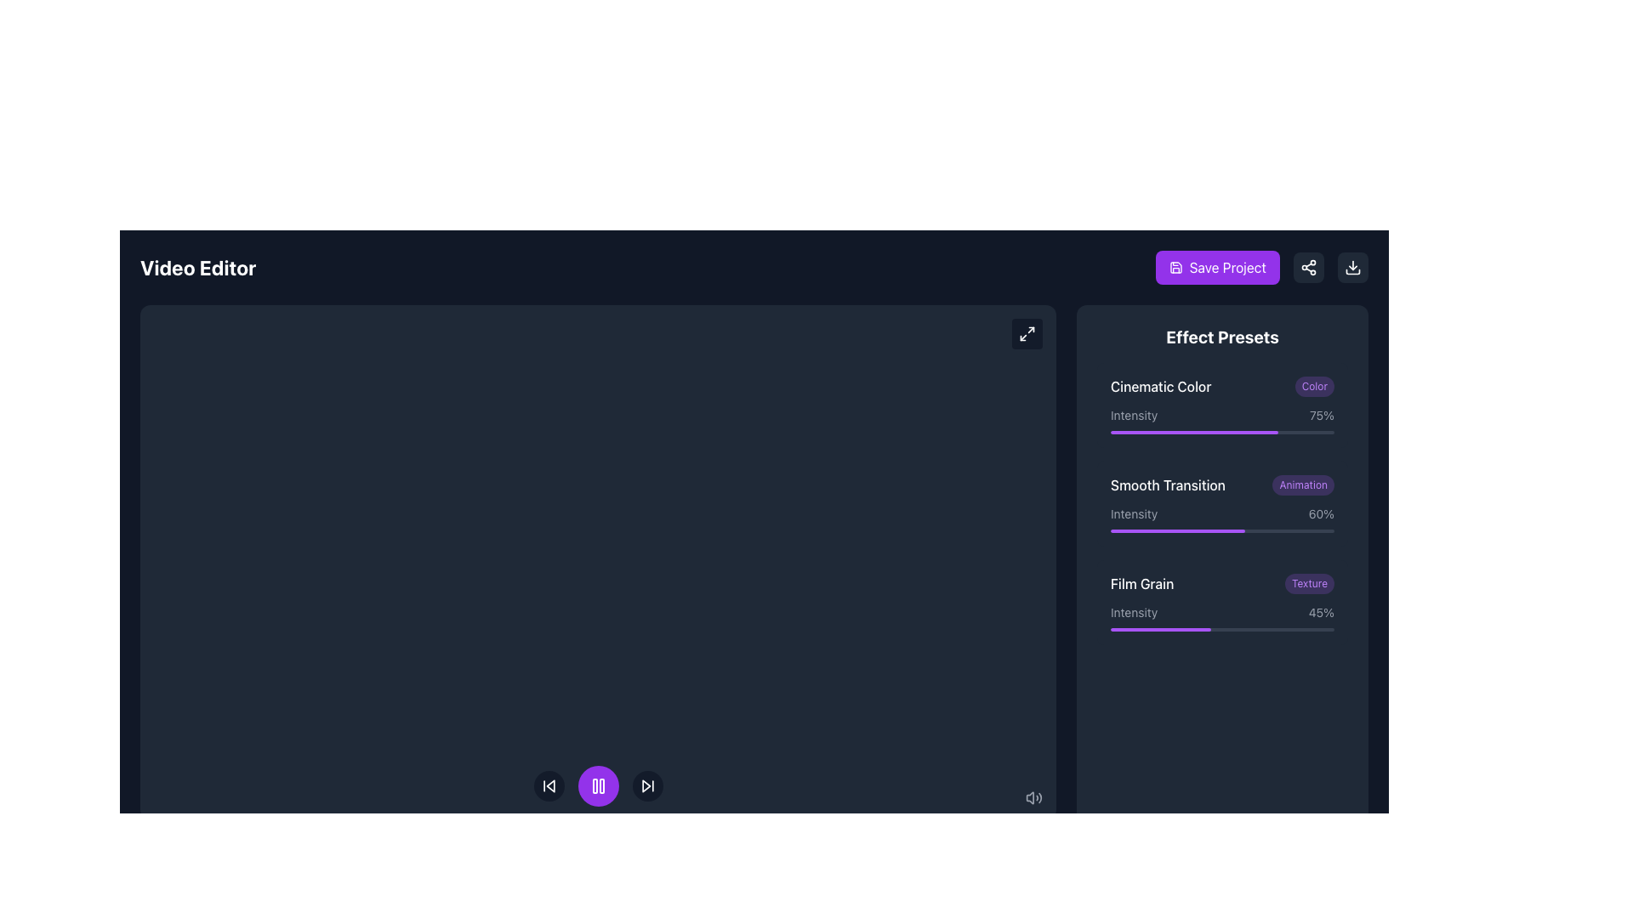  I want to click on the slider labeled 'Intensity' to adjust its value from '60%', so click(1221, 518).